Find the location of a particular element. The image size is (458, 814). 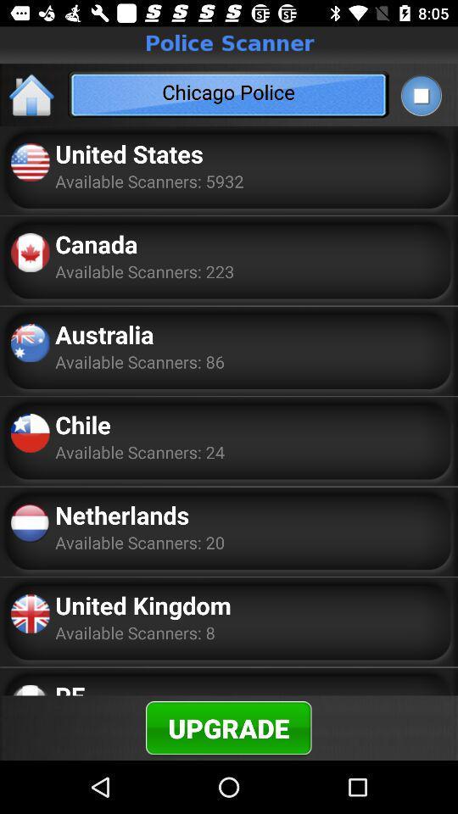

chile icon is located at coordinates (82, 423).